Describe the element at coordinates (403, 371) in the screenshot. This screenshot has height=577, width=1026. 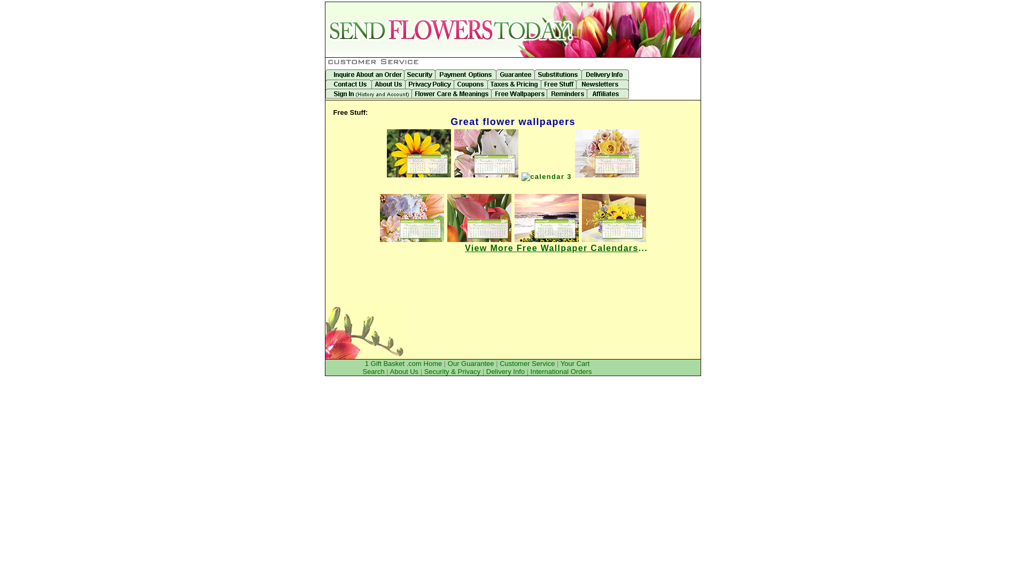
I see `'About Us'` at that location.